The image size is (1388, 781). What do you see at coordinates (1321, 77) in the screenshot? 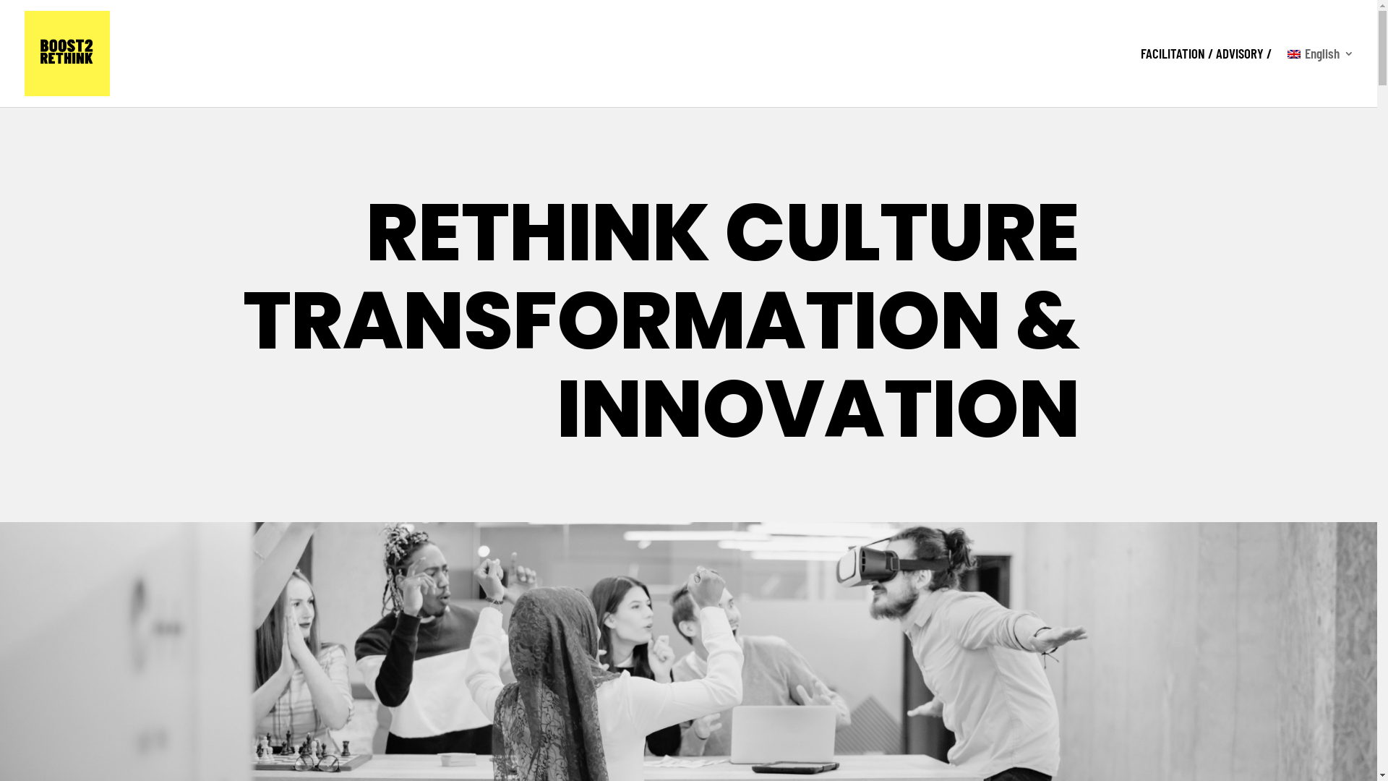
I see `'English'` at bounding box center [1321, 77].